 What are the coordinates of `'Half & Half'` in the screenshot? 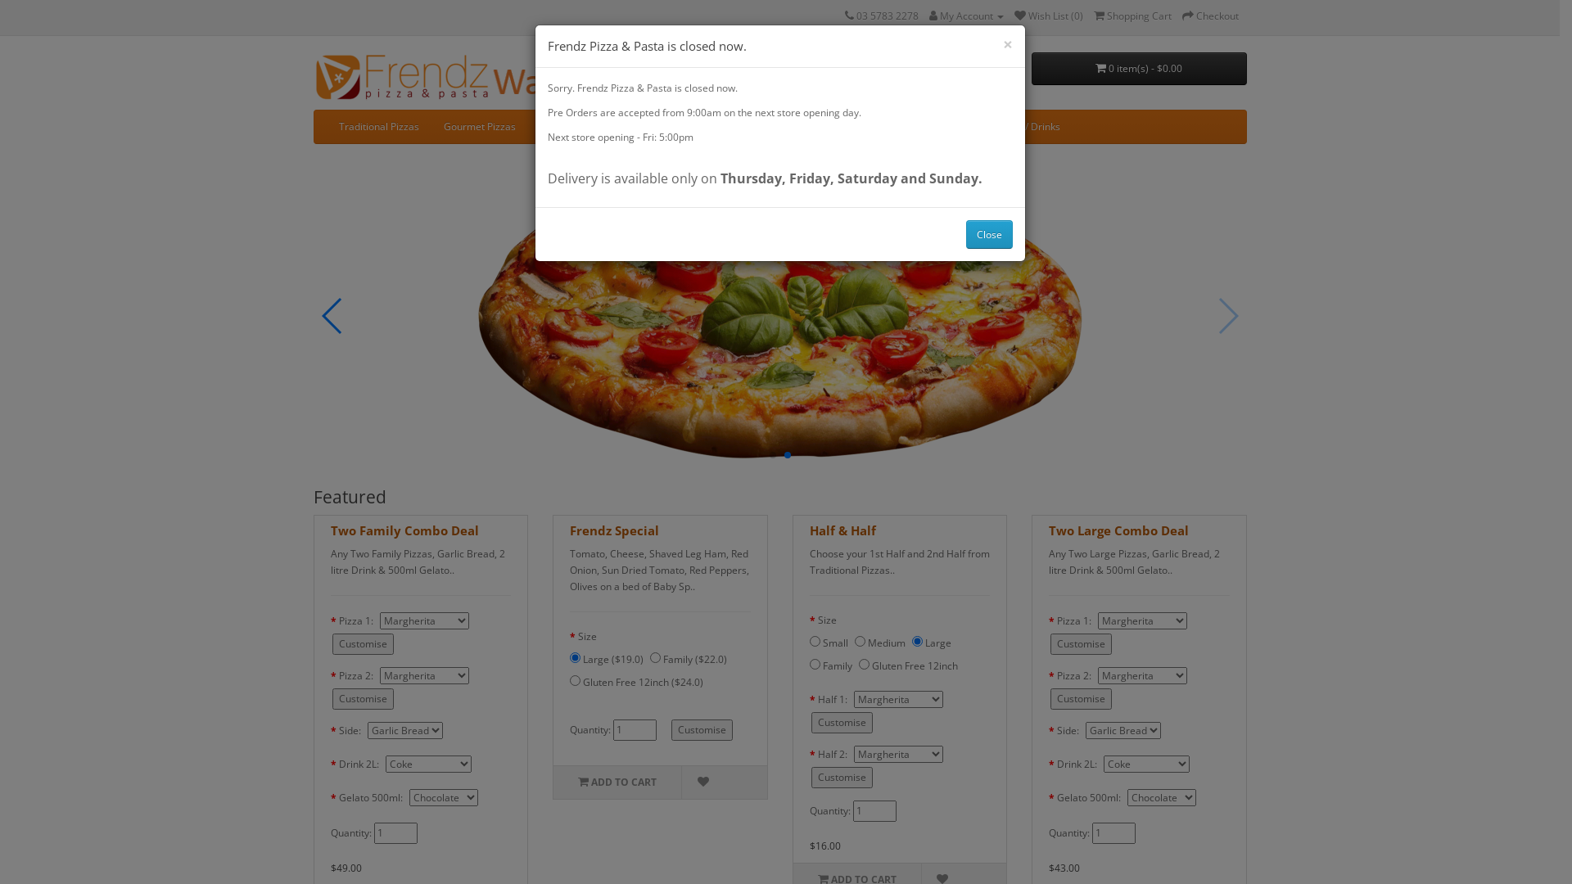 It's located at (842, 530).